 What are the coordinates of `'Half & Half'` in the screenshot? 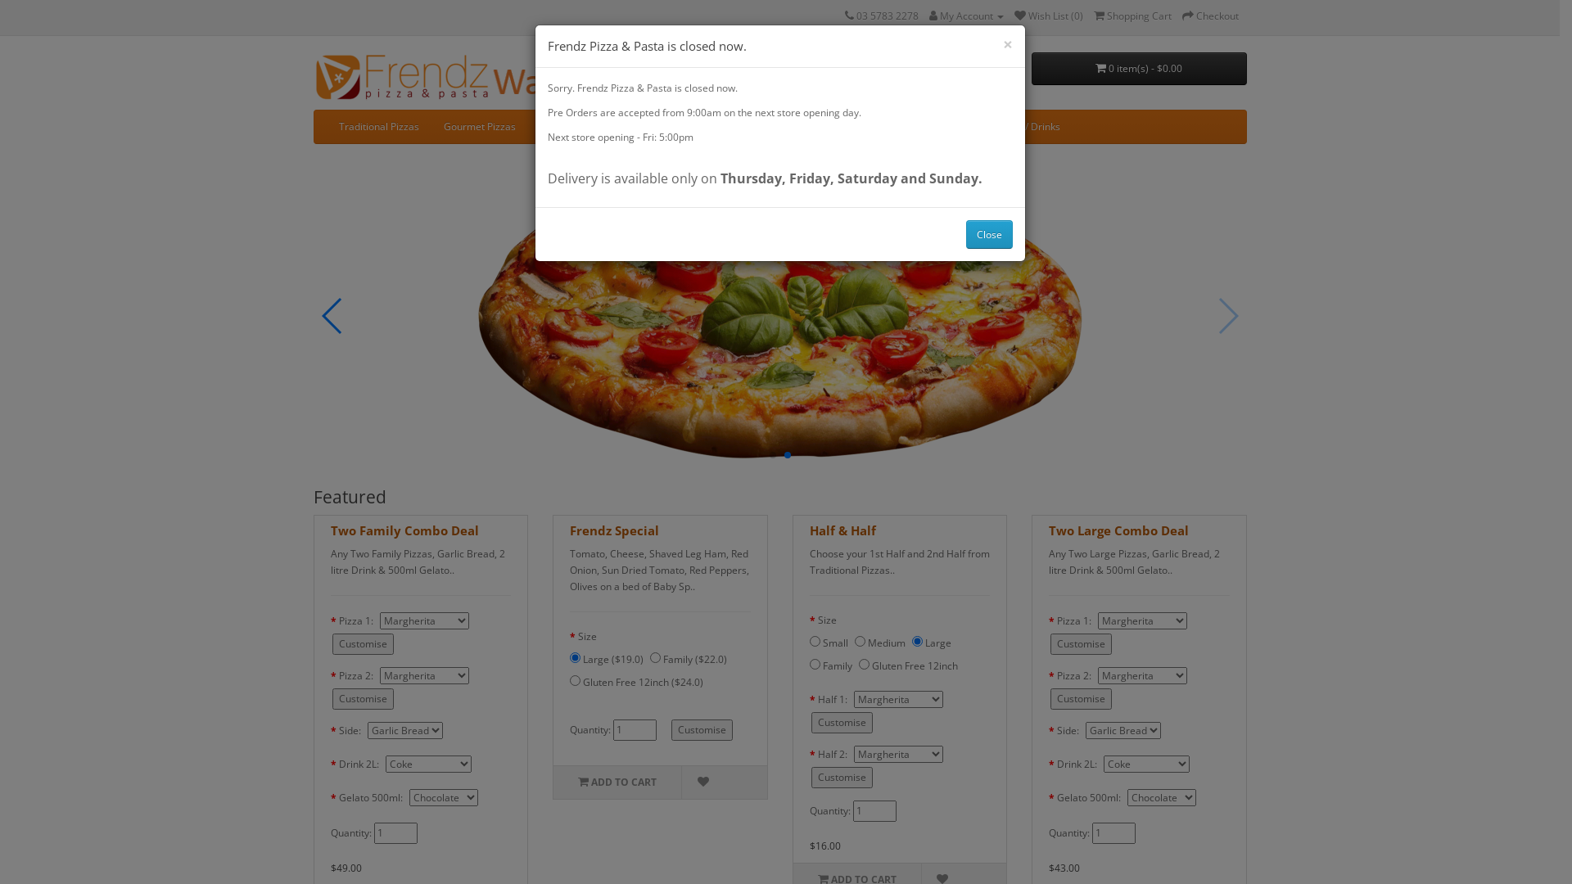 It's located at (842, 530).